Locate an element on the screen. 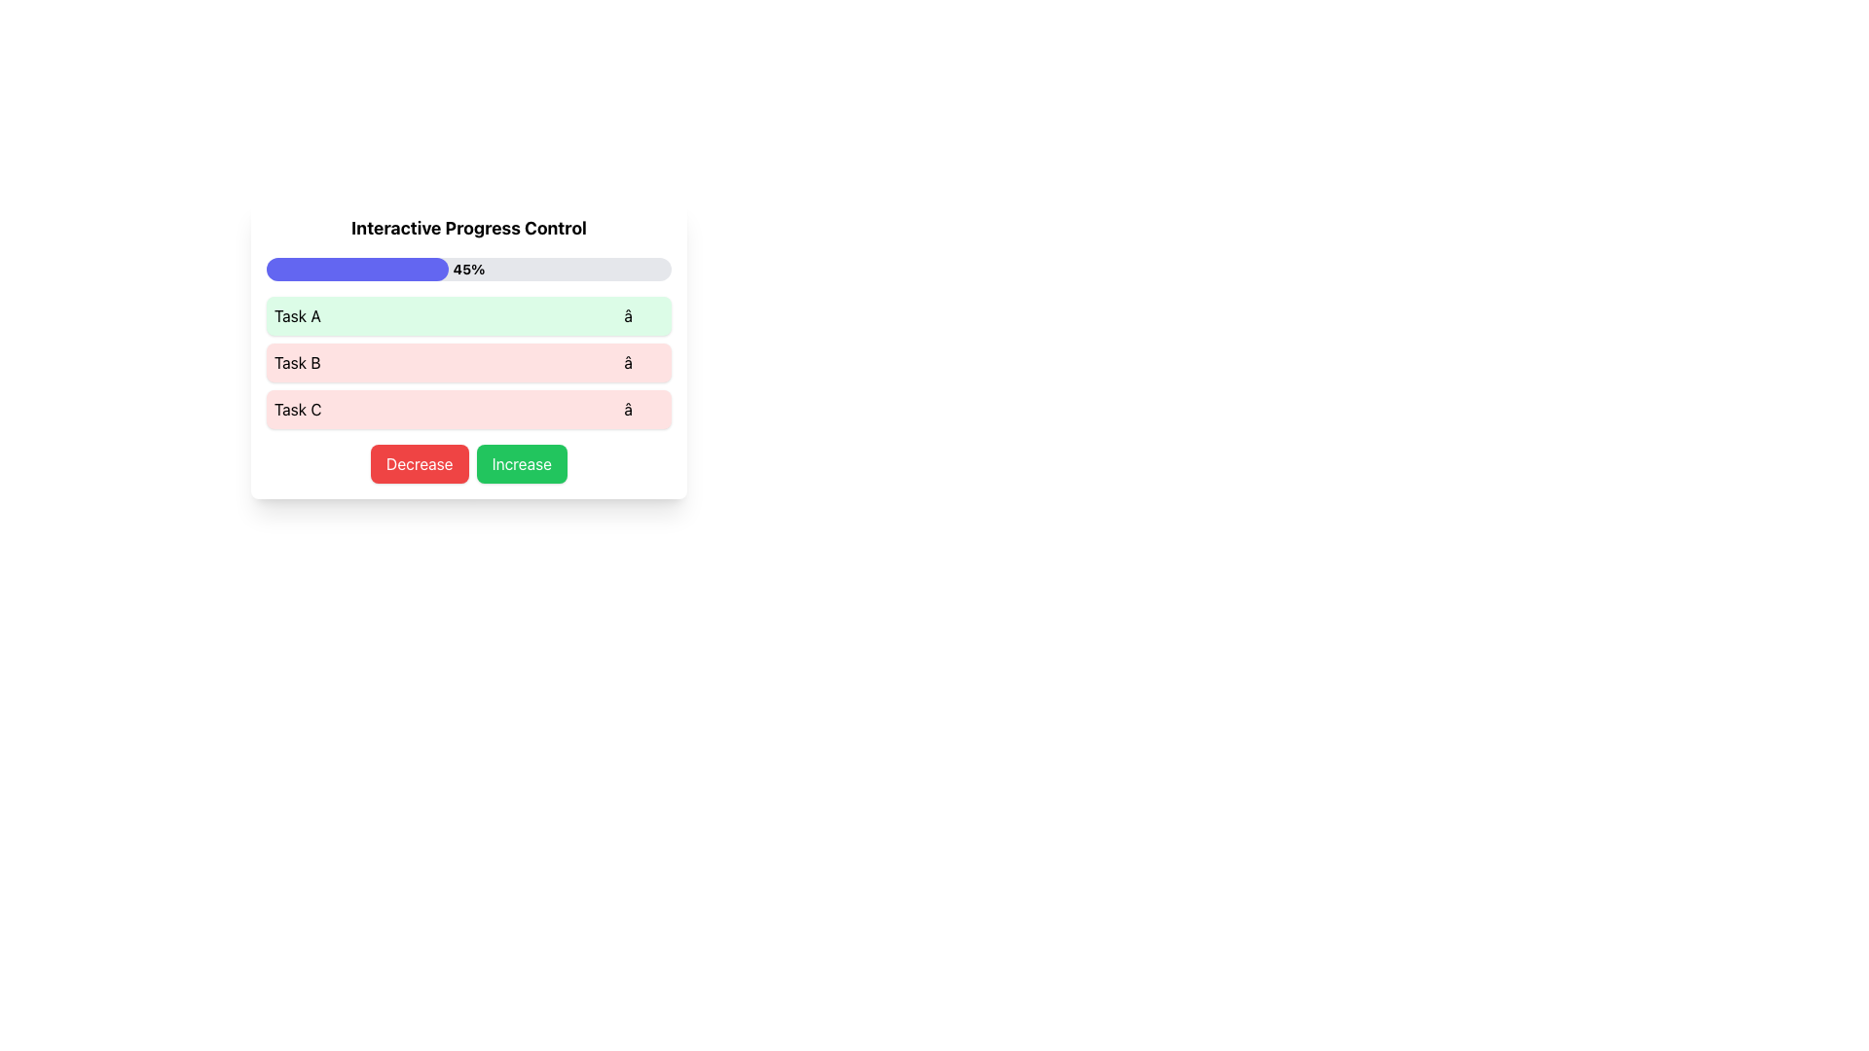 The width and height of the screenshot is (1869, 1051). the 'Increase' button, which is the second button in a pair located at the bottom of the interface, to trigger hover effects is located at coordinates (522, 464).